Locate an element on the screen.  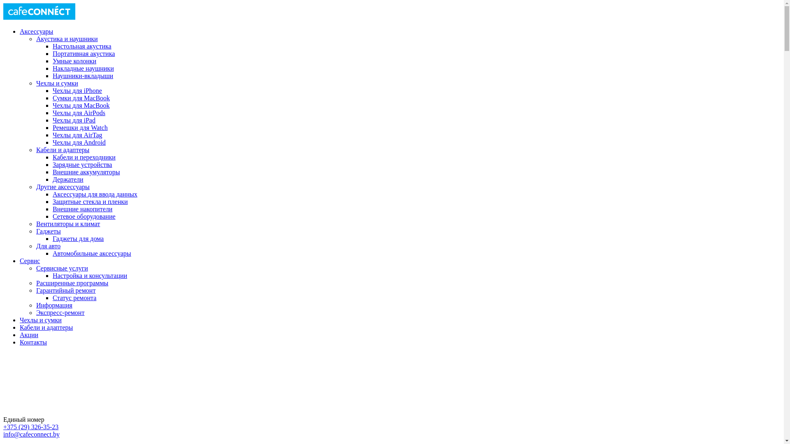
'info@cafeconnect.by' is located at coordinates (31, 434).